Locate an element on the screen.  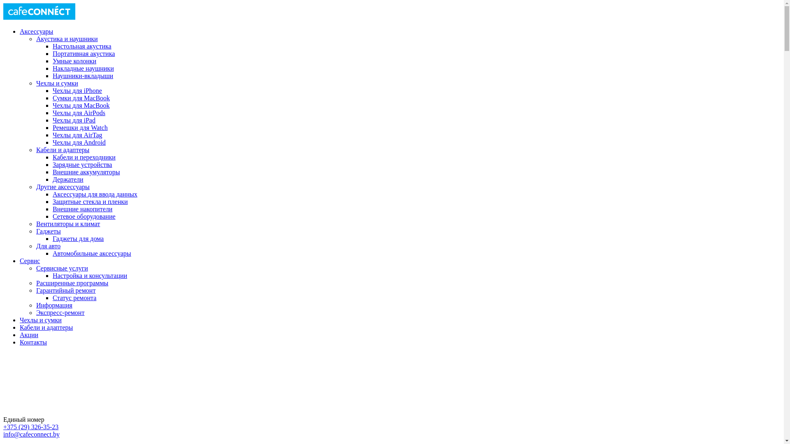
'info@cafeconnect.by' is located at coordinates (31, 434).